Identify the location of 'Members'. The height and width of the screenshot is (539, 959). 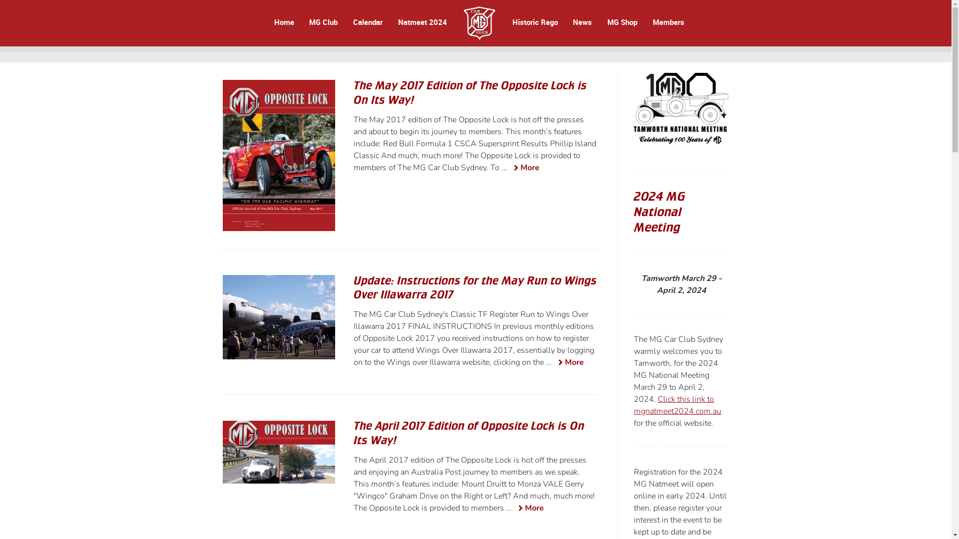
(667, 21).